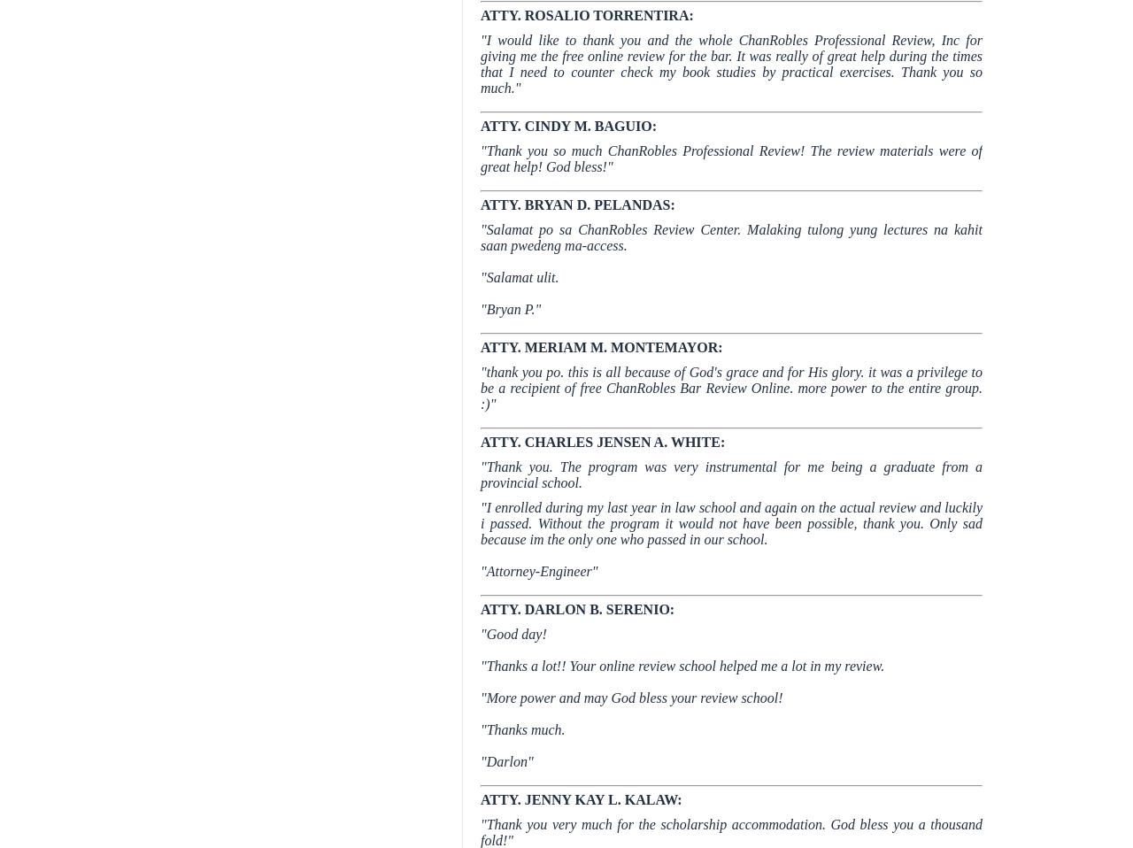  Describe the element at coordinates (577, 608) in the screenshot. I see `'ATTY. DARLON B. SERENIO:'` at that location.